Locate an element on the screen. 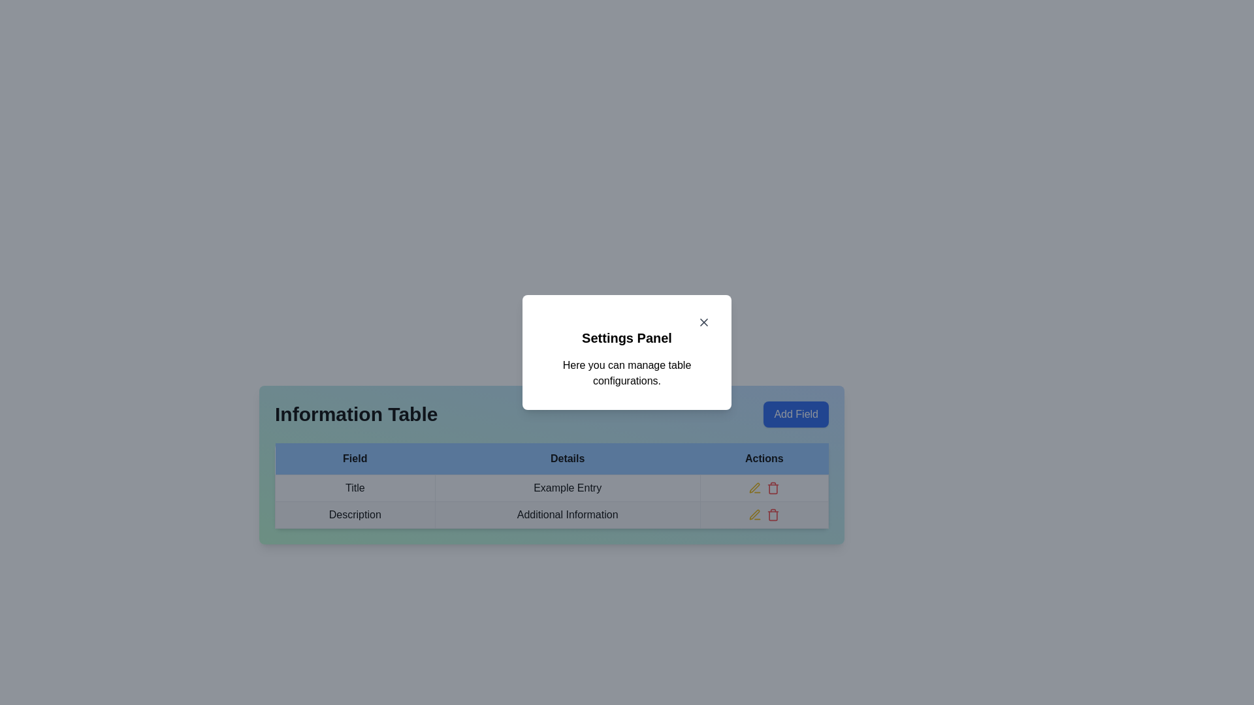 The image size is (1254, 705). the 'Details' column header, which is the second column header in the table under the 'Information Table' heading, to sort data is located at coordinates (551, 464).